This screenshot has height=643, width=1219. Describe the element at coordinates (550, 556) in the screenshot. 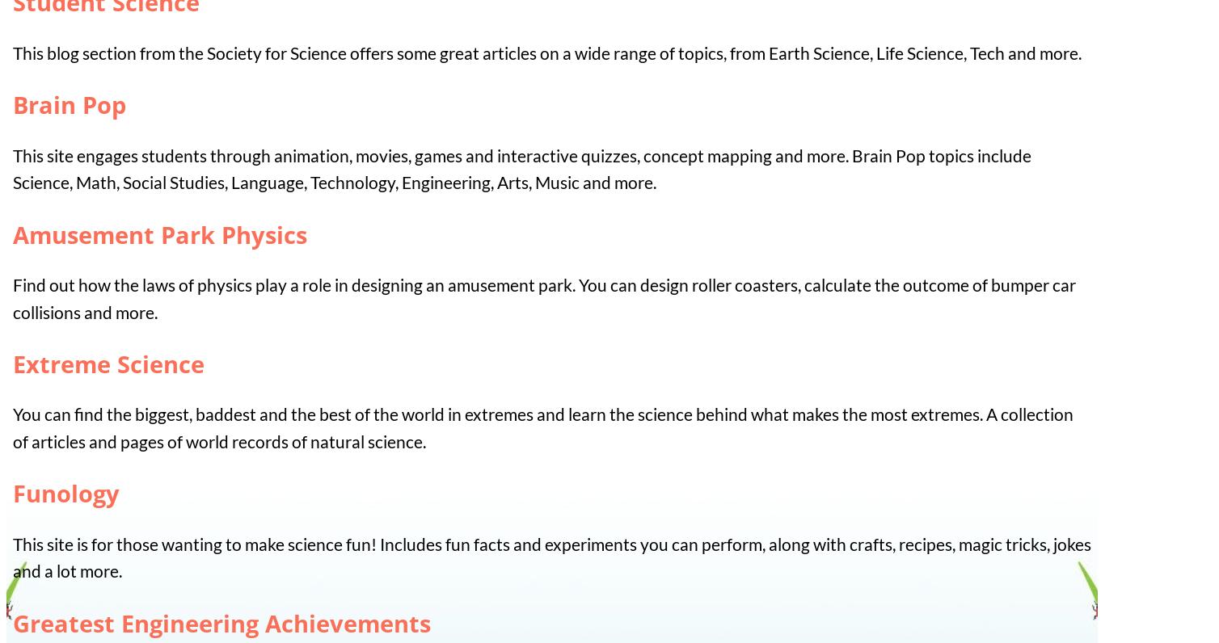

I see `'This site is for those wanting to make science fun! Includes fun facts and experiments you can perform, along with crafts, recipes, magic tricks, jokes and a lot more.'` at that location.